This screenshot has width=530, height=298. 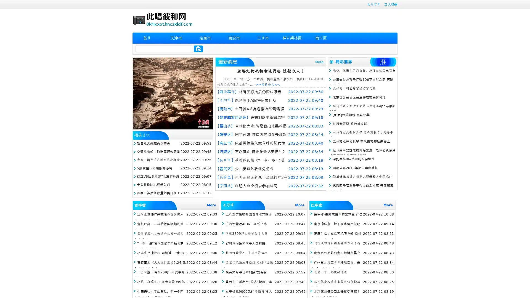 What do you see at coordinates (198, 49) in the screenshot?
I see `Search` at bounding box center [198, 49].